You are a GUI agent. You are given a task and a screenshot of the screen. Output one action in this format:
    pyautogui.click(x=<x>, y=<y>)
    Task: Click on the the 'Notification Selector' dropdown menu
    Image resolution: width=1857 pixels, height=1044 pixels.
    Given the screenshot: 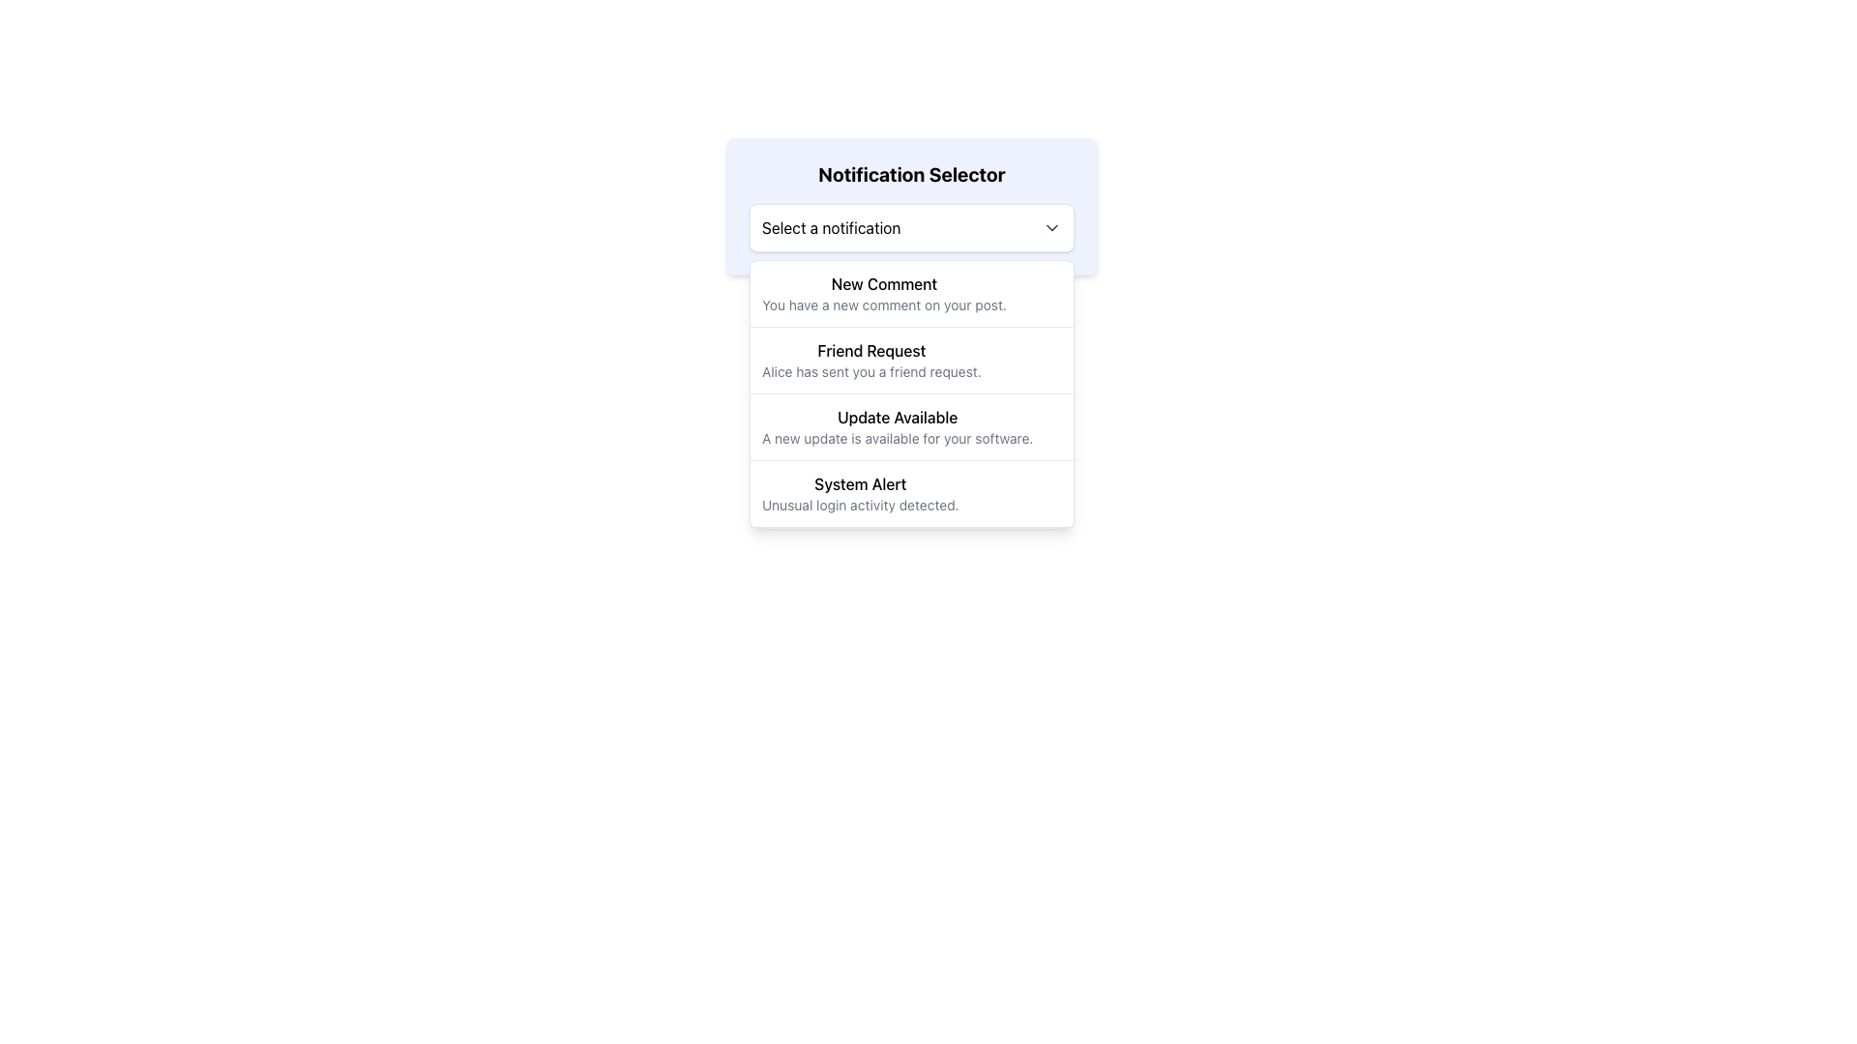 What is the action you would take?
    pyautogui.click(x=910, y=206)
    